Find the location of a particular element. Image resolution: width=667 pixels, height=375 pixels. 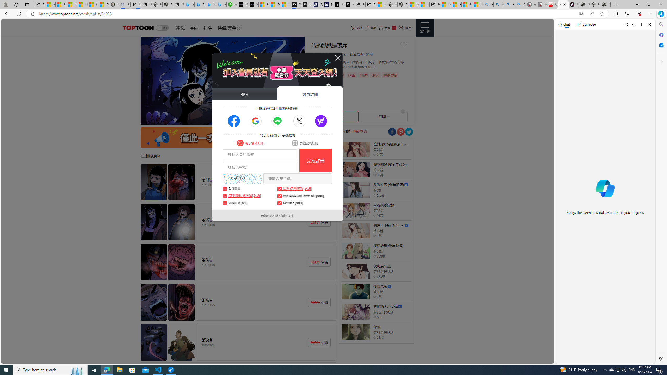

'Class: swiper-slide swiper-slide-prev' is located at coordinates (223, 81).